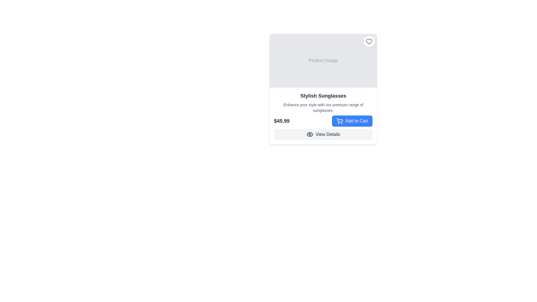 This screenshot has width=537, height=302. What do you see at coordinates (323, 60) in the screenshot?
I see `the placeholder or image display area for the product in the e-commerce card layout, located above the title 'Stylish Sunglasses'` at bounding box center [323, 60].